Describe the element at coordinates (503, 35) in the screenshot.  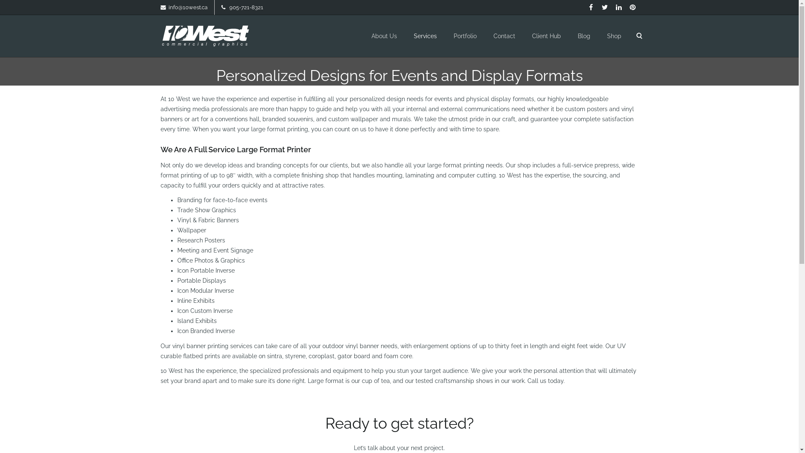
I see `'Contact'` at that location.